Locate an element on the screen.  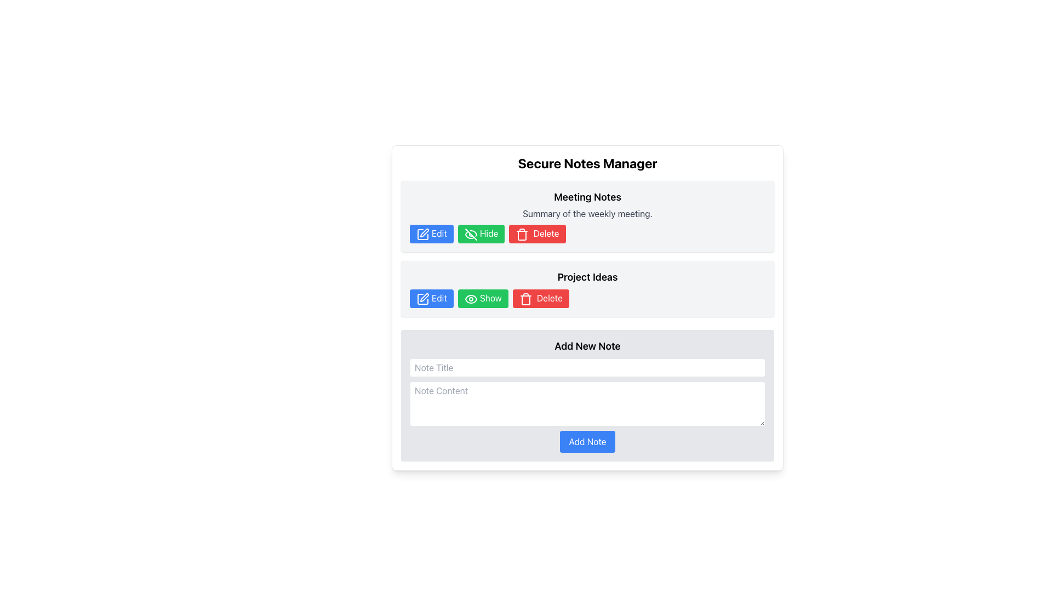
the trash icon within the red 'Delete' button, which is located to the right of the Edit and Hide/Show buttons in the action panel is located at coordinates (525, 299).